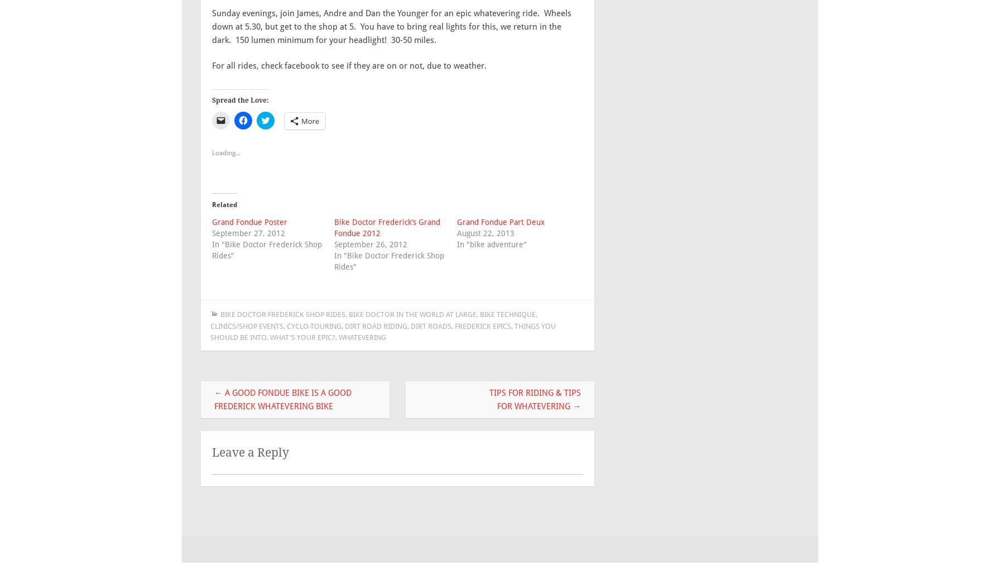 The width and height of the screenshot is (1000, 580). I want to click on 'what's your epic?', so click(302, 337).